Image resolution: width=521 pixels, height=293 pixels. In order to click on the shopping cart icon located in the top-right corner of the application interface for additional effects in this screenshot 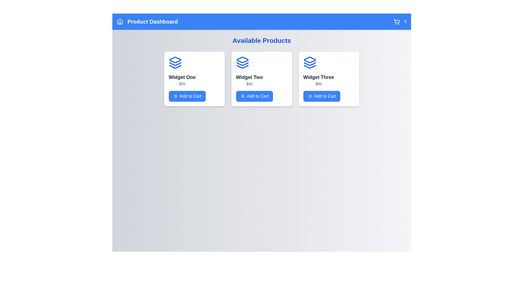, I will do `click(397, 21)`.